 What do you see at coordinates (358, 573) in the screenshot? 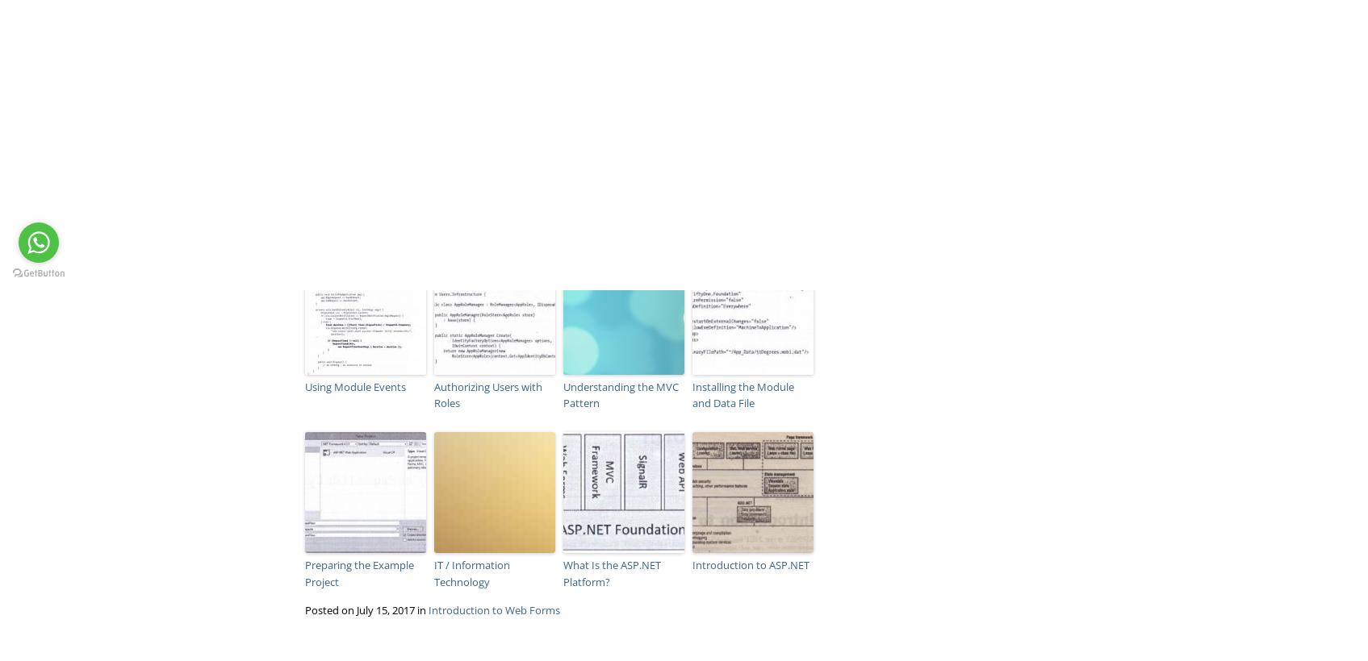
I see `'Preparing the Example Project'` at bounding box center [358, 573].